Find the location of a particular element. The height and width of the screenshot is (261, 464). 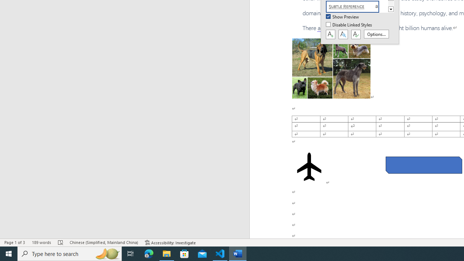

'Spelling and Grammar Check Errors' is located at coordinates (61, 243).